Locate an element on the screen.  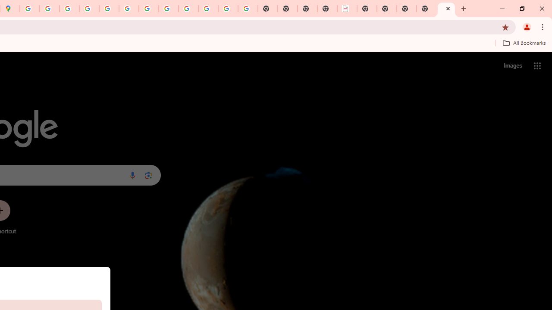
'New Tab' is located at coordinates (446, 9).